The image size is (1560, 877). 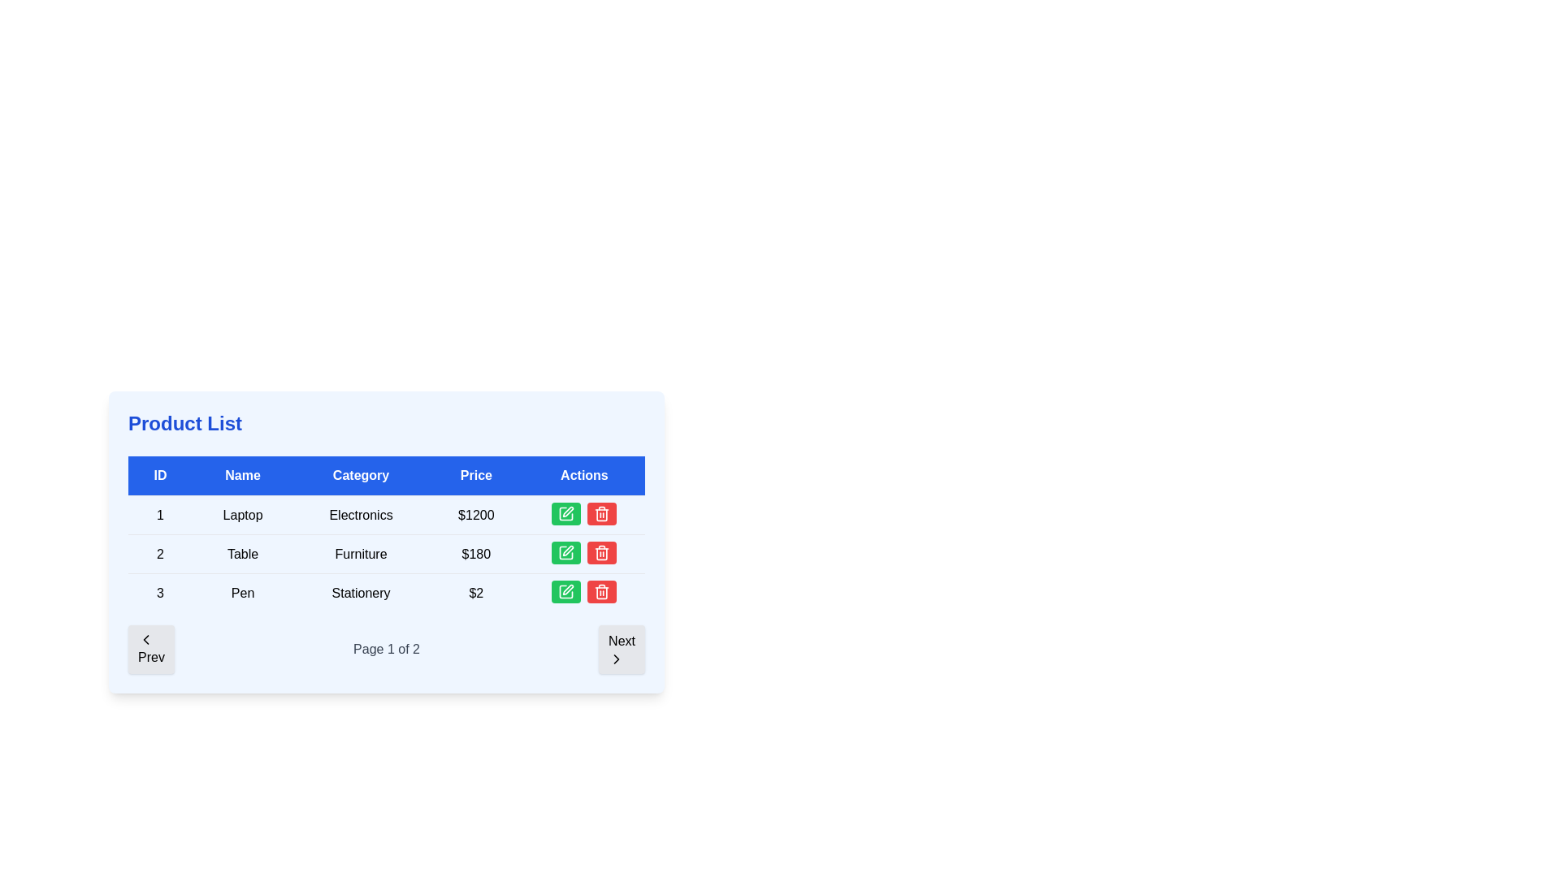 I want to click on the table header cell with a blue background and white text that reads 'ID', which is located at the top left of the table, so click(x=160, y=475).